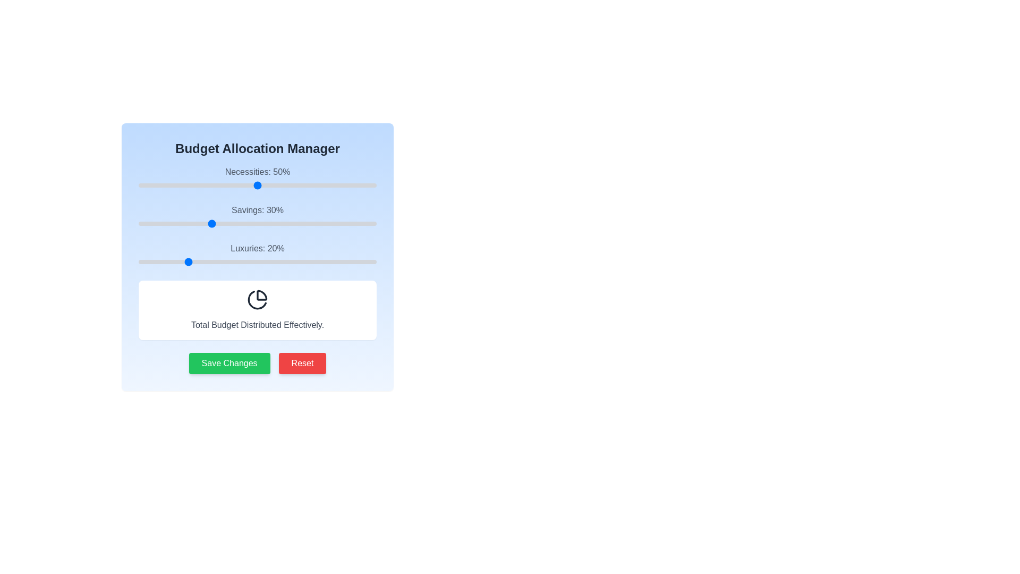  What do you see at coordinates (319, 262) in the screenshot?
I see `luxuries percentage` at bounding box center [319, 262].